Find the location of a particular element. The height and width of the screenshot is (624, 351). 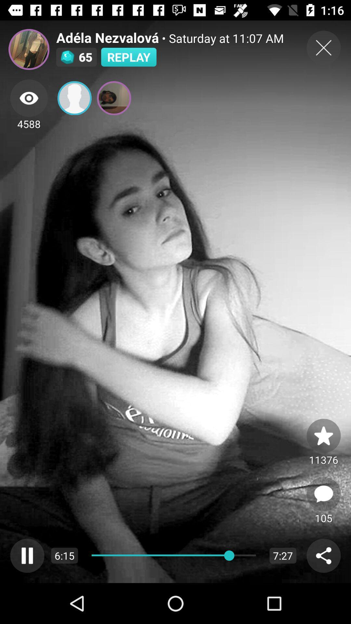

open profile picture is located at coordinates (29, 49).